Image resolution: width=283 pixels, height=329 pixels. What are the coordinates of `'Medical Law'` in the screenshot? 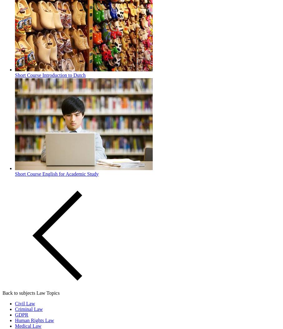 It's located at (27, 325).